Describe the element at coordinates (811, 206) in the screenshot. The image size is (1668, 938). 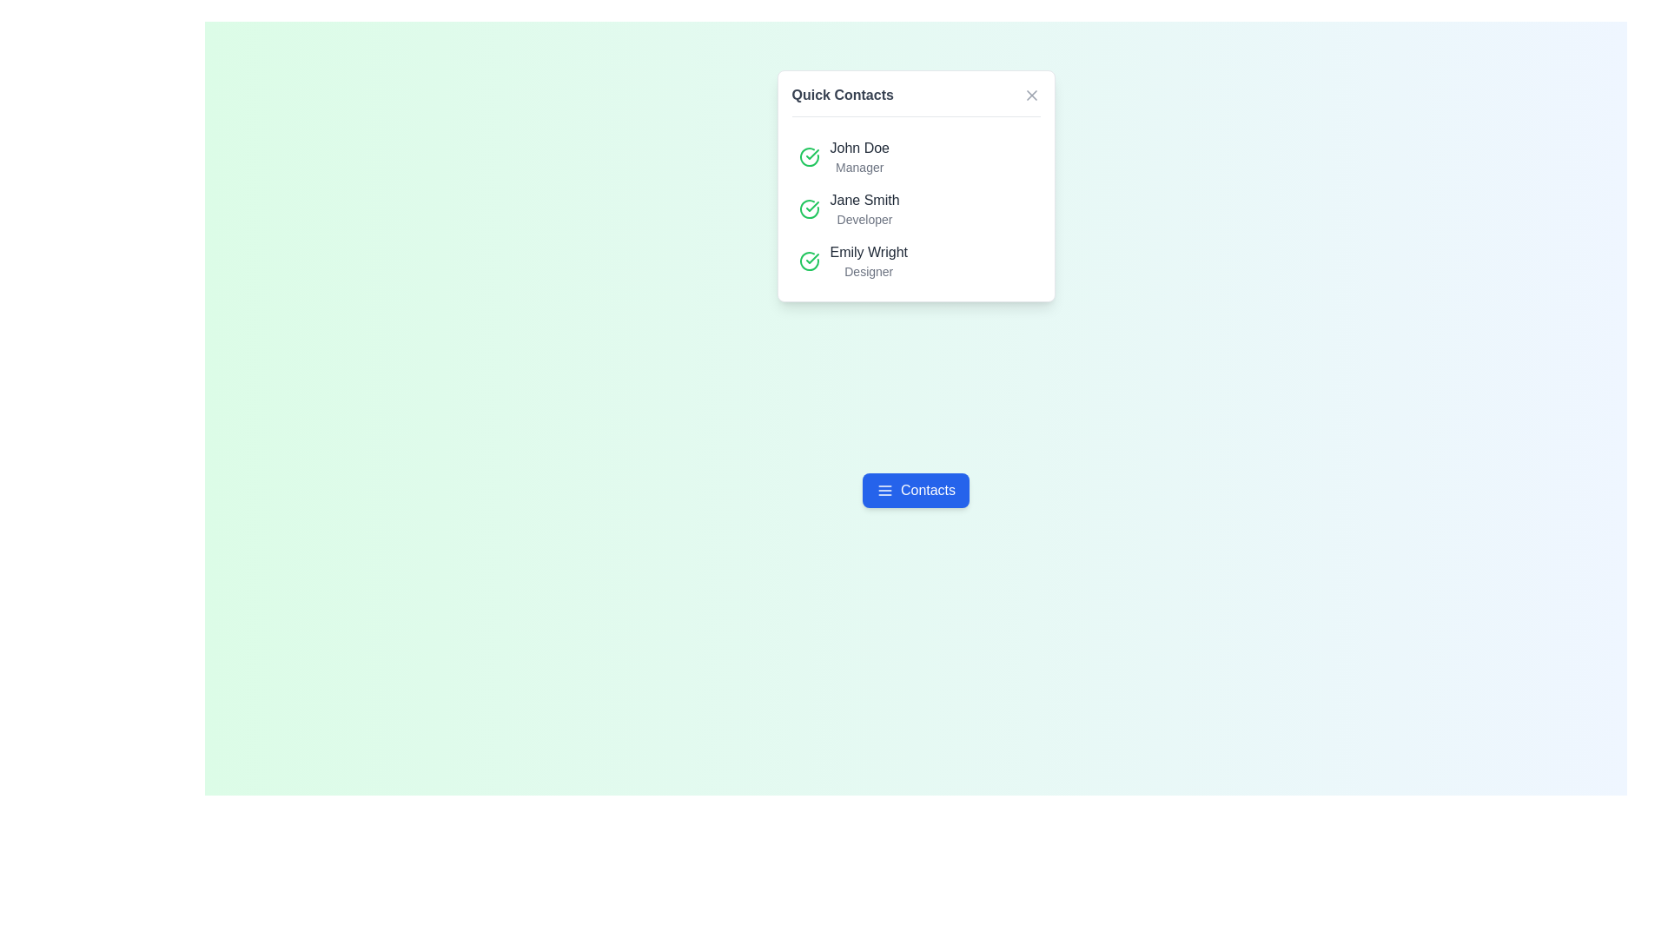
I see `first checkmark icon within the Quick Contacts panel, which is a light green circular icon with a green stroke checkmark, for styling or debugging purposes` at that location.